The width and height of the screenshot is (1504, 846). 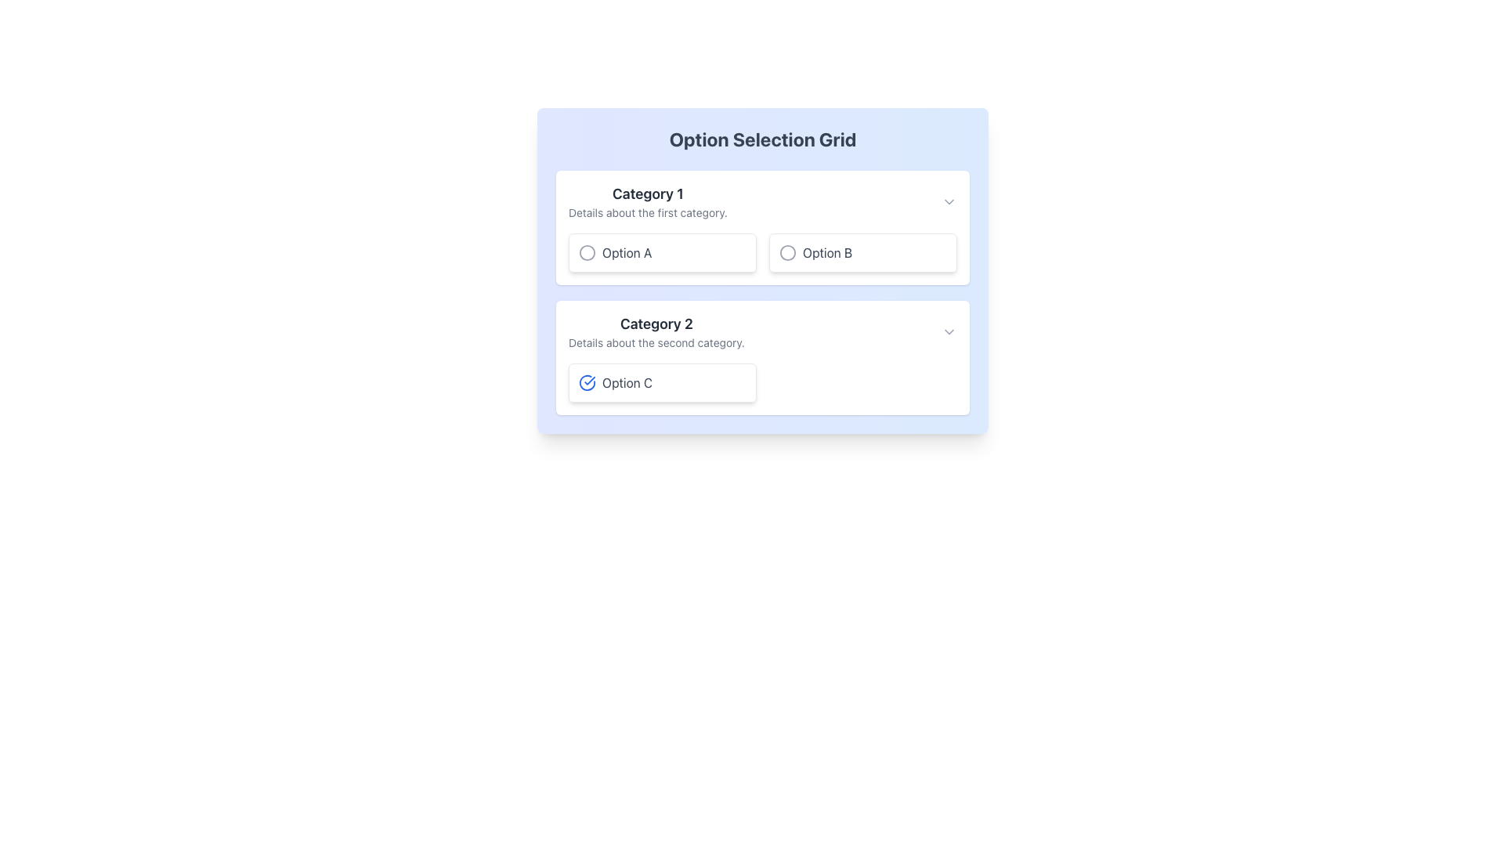 I want to click on the selectable button for 'Option A' located in the first row under 'Category 1', so click(x=662, y=252).